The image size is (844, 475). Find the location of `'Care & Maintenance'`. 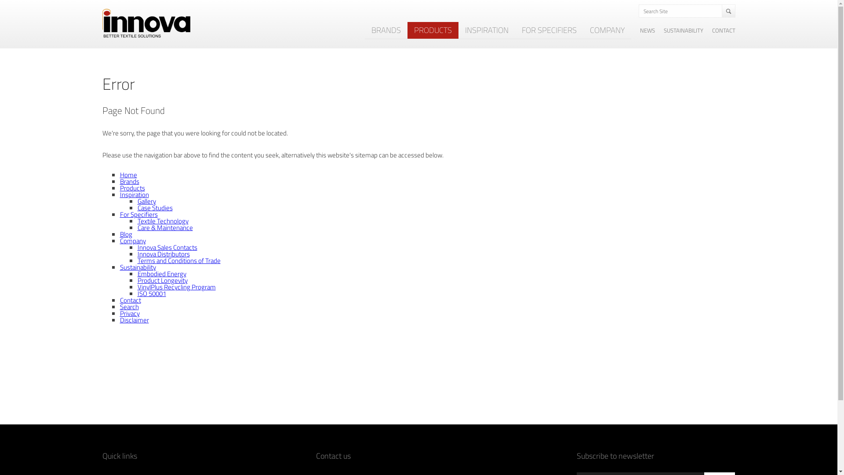

'Care & Maintenance' is located at coordinates (164, 227).